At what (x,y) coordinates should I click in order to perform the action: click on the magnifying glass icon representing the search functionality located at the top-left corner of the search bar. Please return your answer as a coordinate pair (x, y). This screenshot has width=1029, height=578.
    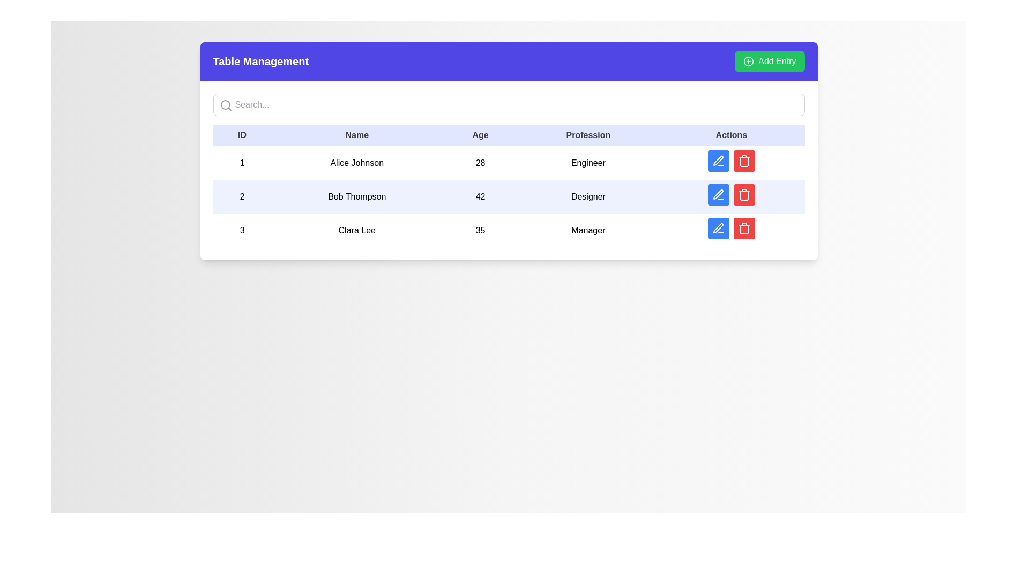
    Looking at the image, I should click on (225, 105).